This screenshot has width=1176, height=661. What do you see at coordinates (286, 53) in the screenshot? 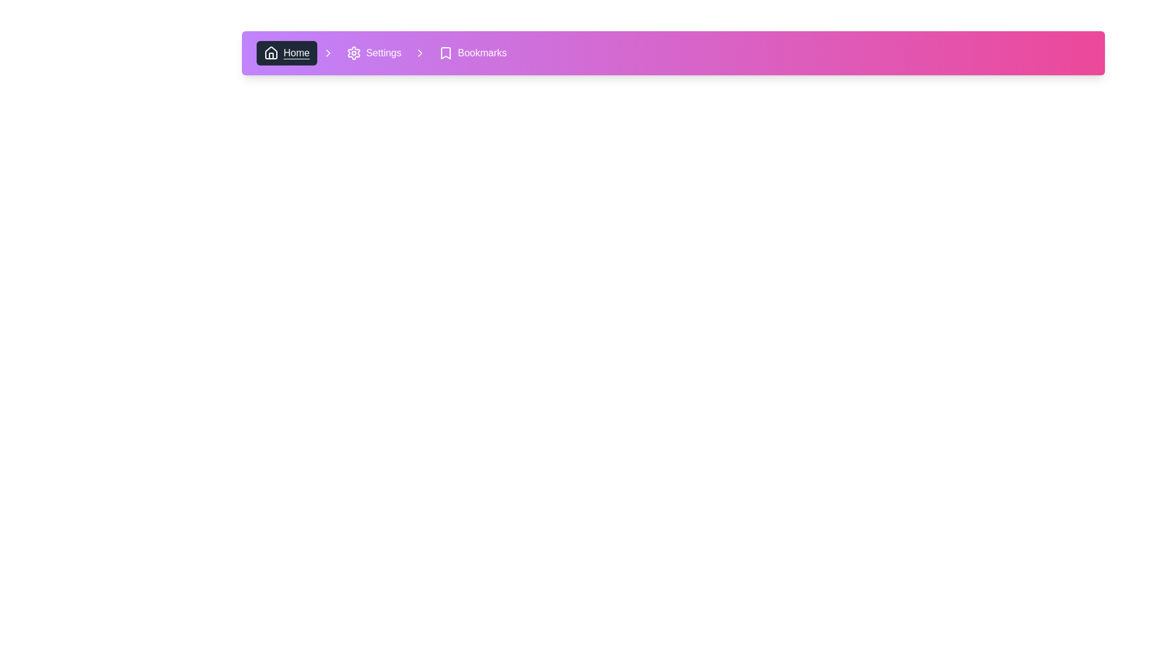
I see `the 'Home' button located at the left end of the navigation bar` at bounding box center [286, 53].